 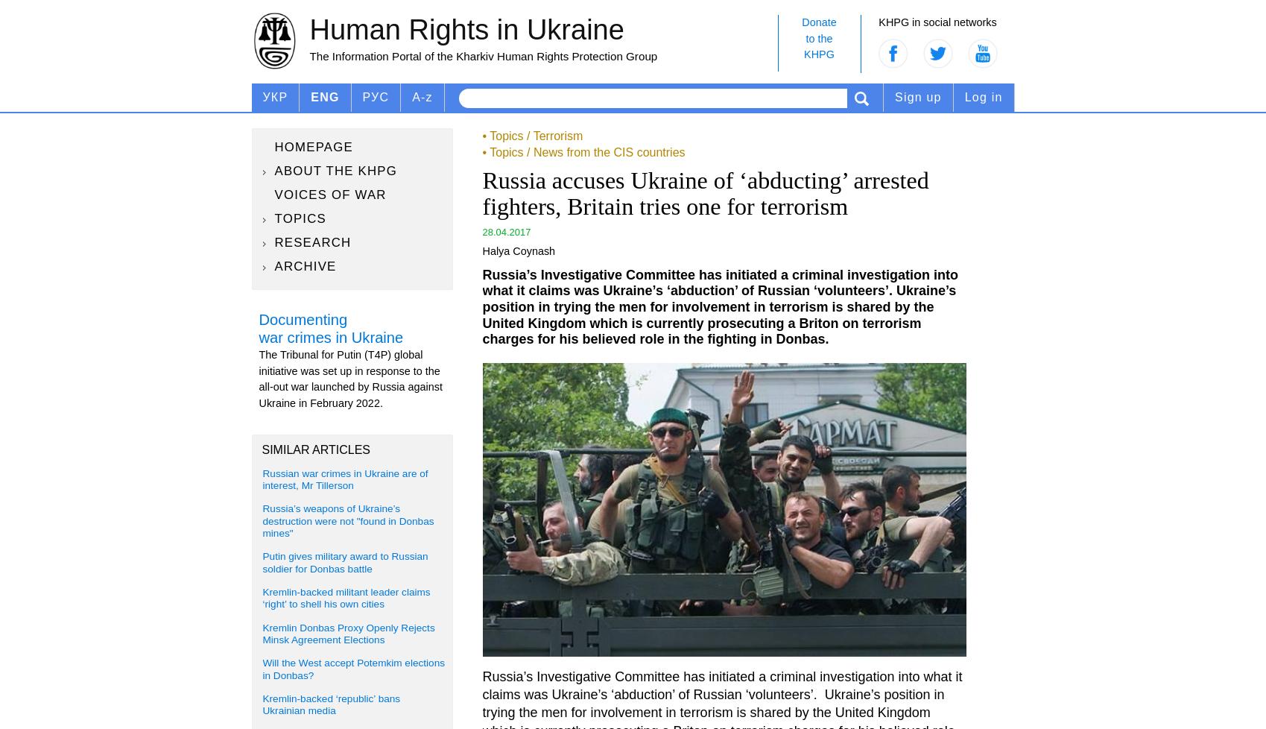 I want to click on 'Russia’s weapons of Ukraine’s destruction were not "found in Donbas mines"', so click(x=262, y=520).